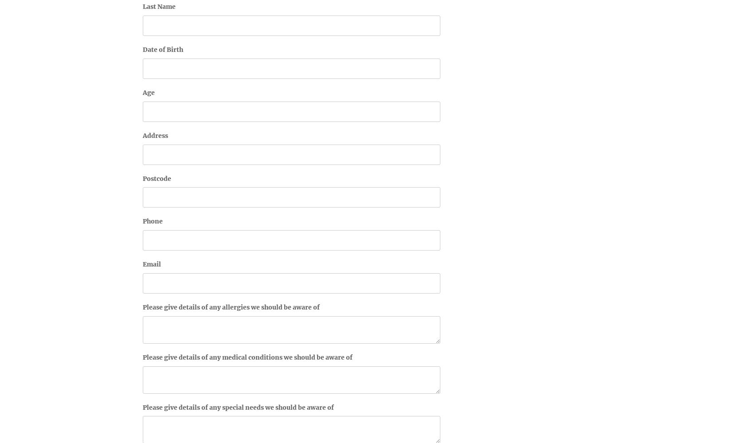 This screenshot has height=443, width=745. What do you see at coordinates (247, 357) in the screenshot?
I see `'Please give details of any medical conditions we should be aware of'` at bounding box center [247, 357].